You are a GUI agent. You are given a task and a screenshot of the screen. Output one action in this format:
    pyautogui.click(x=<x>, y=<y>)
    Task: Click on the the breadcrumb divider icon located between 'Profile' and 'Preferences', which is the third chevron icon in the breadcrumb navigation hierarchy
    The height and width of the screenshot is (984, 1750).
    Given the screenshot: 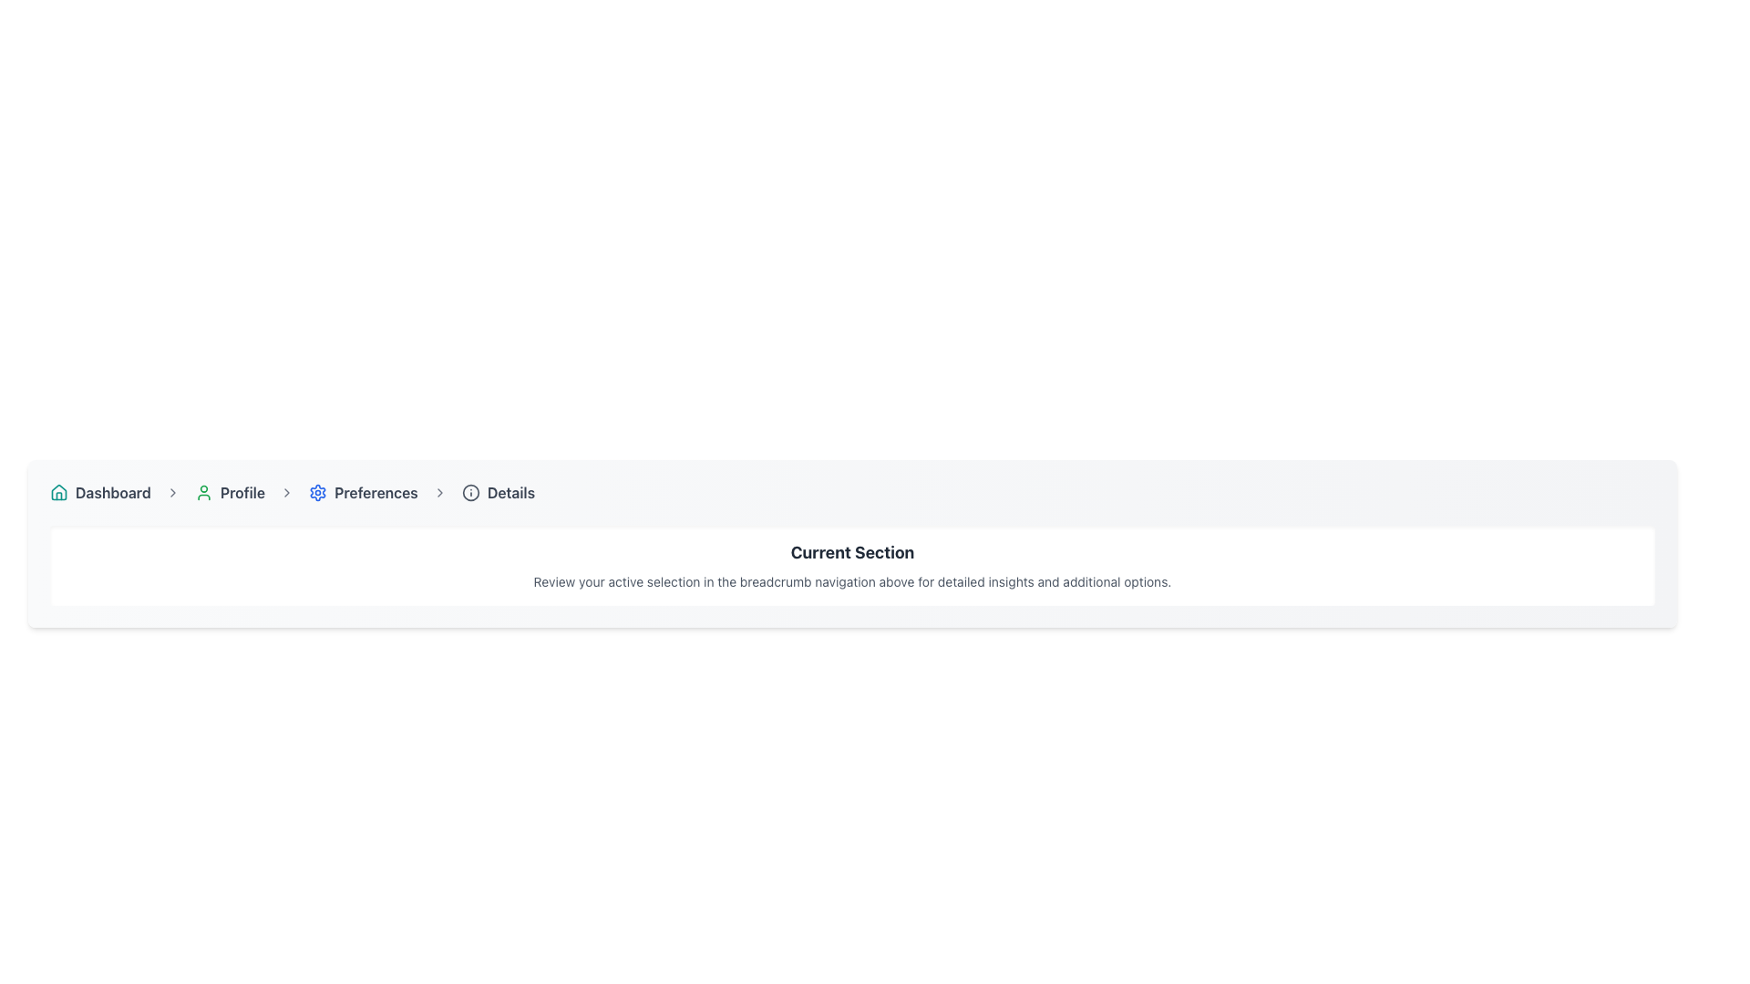 What is the action you would take?
    pyautogui.click(x=286, y=492)
    